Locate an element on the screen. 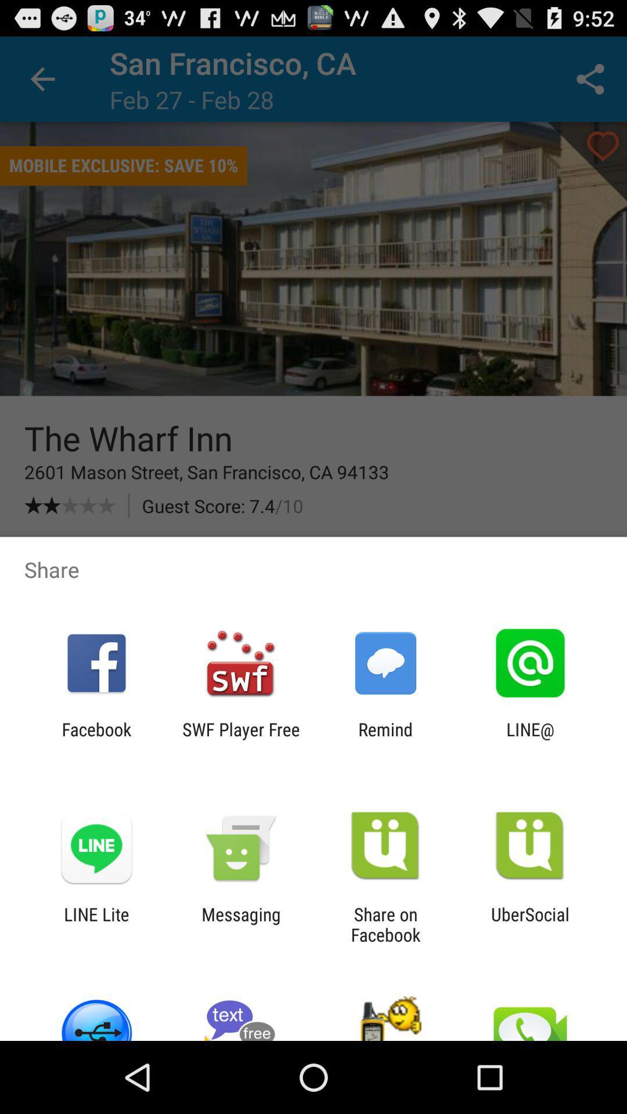  swf player free icon is located at coordinates (240, 739).